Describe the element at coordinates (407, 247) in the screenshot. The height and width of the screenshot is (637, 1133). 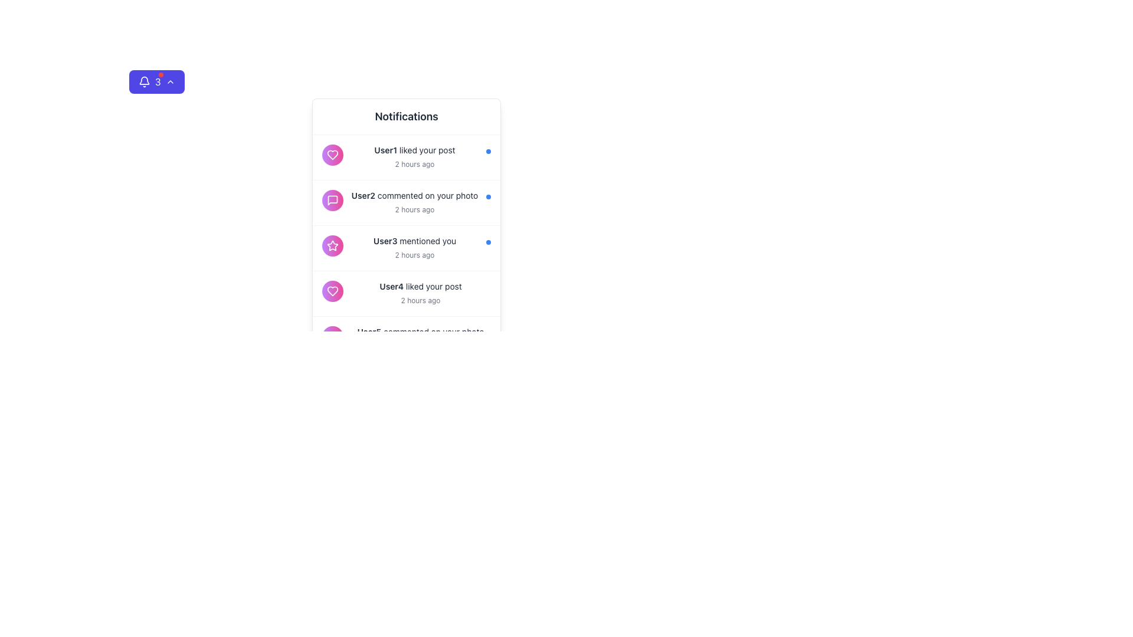
I see `on the third notification item in the notification list, which contains the text 'User3 mentioned you' and indicates unread status with a blue dot` at that location.